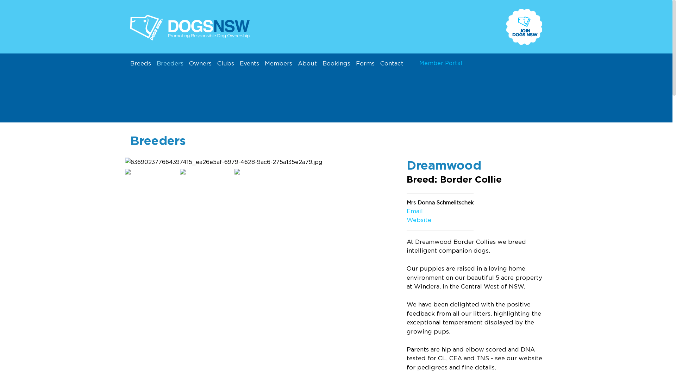  Describe the element at coordinates (414, 210) in the screenshot. I see `'Email'` at that location.